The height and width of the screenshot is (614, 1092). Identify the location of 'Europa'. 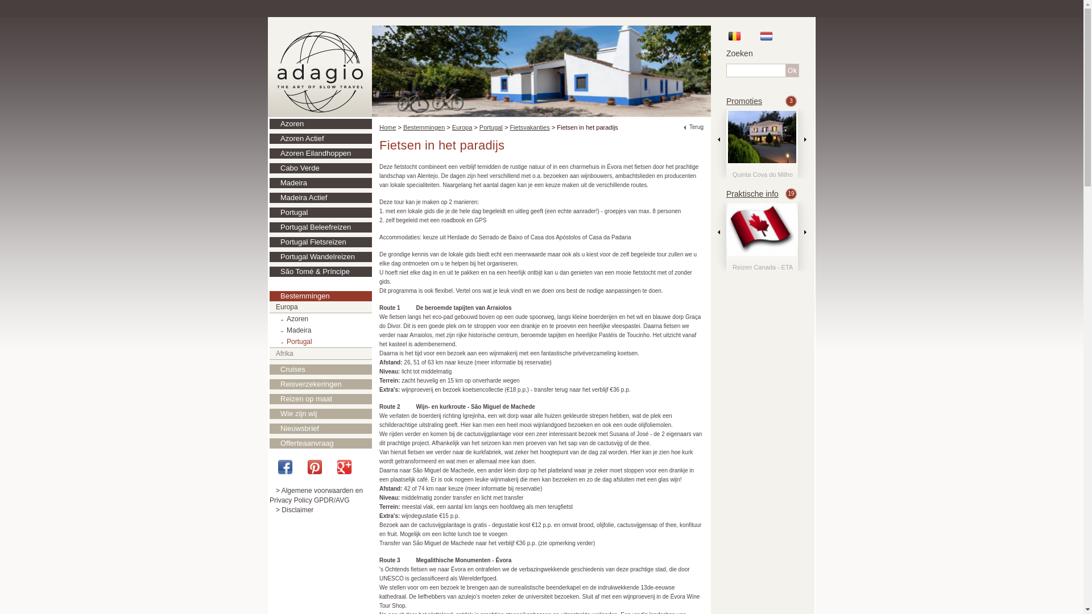
(320, 307).